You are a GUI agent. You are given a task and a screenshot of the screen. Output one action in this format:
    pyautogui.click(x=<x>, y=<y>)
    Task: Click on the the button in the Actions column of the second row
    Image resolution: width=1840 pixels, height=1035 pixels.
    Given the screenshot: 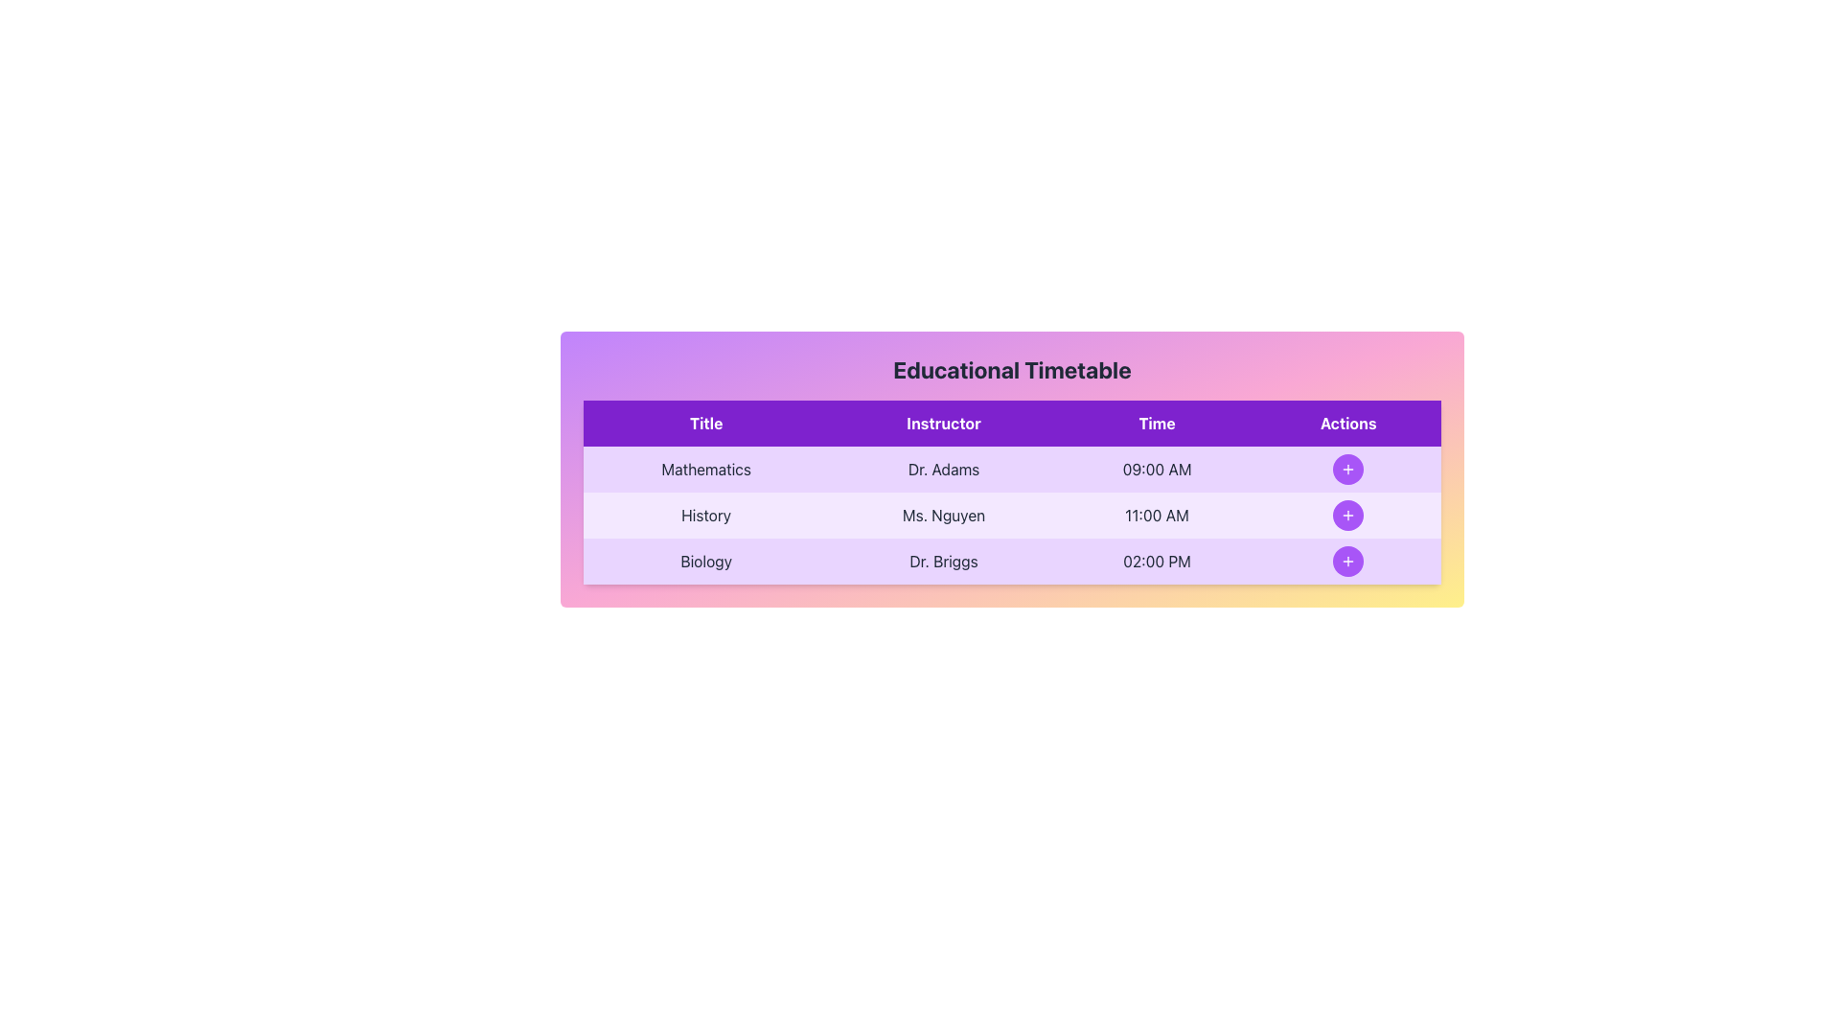 What is the action you would take?
    pyautogui.click(x=1346, y=514)
    